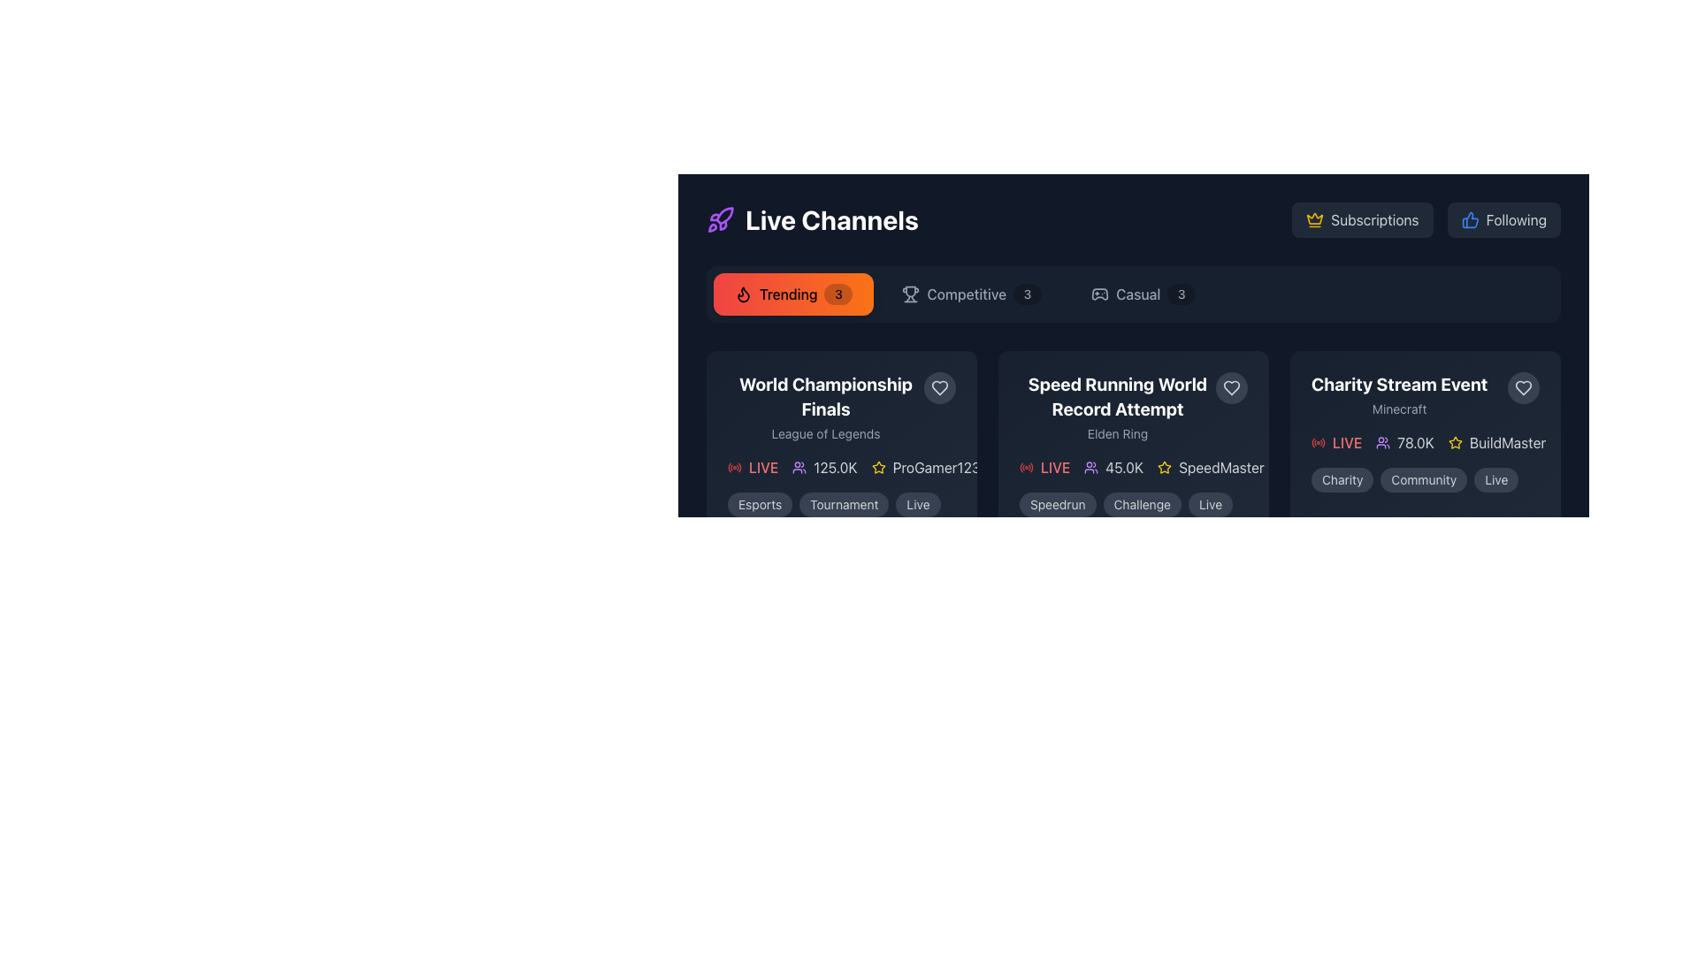  Describe the element at coordinates (1426, 480) in the screenshot. I see `the 'Community' badge within the Multi-item badge group located at the bottom of the 'Charity Stream Event' card, which contains the badges 'Charity', 'Community', and 'Live'` at that location.